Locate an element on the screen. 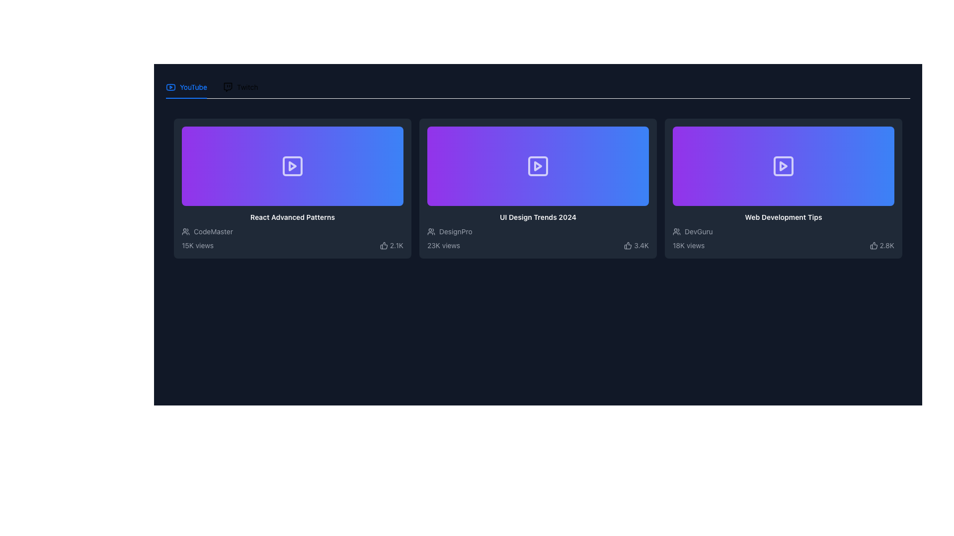 The height and width of the screenshot is (536, 954). the static text displaying '18K views', which is styled in gray on a dark background and located in the metadata section of the video card, to the left of '2.8K' is located at coordinates (688, 245).